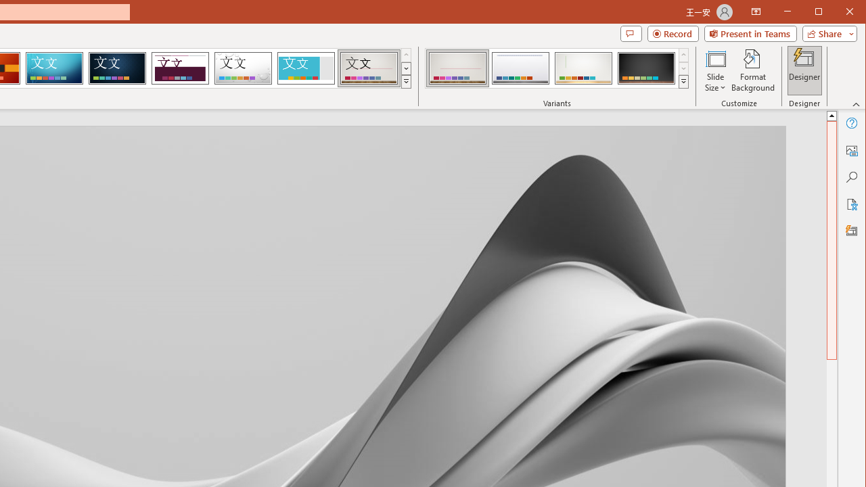 The image size is (866, 487). I want to click on 'Slide Size', so click(714, 70).